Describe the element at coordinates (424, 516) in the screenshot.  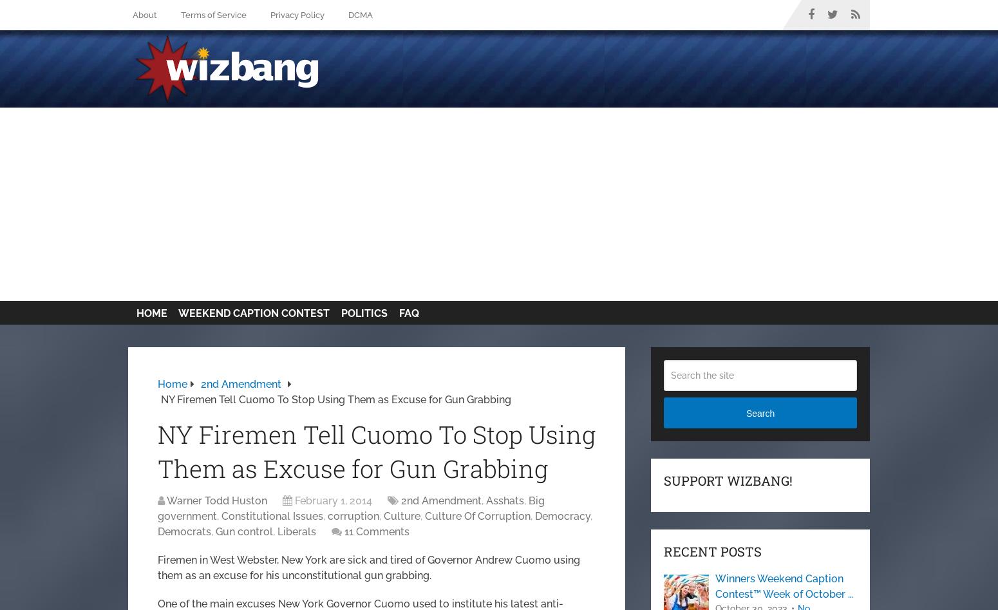
I see `'Culture Of Corruption'` at that location.